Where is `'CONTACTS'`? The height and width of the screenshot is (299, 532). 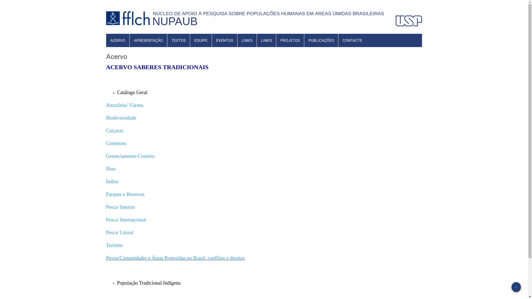 'CONTACTS' is located at coordinates (352, 40).